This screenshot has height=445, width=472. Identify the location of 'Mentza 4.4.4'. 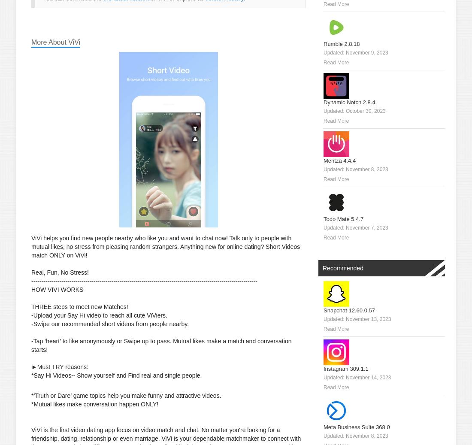
(323, 160).